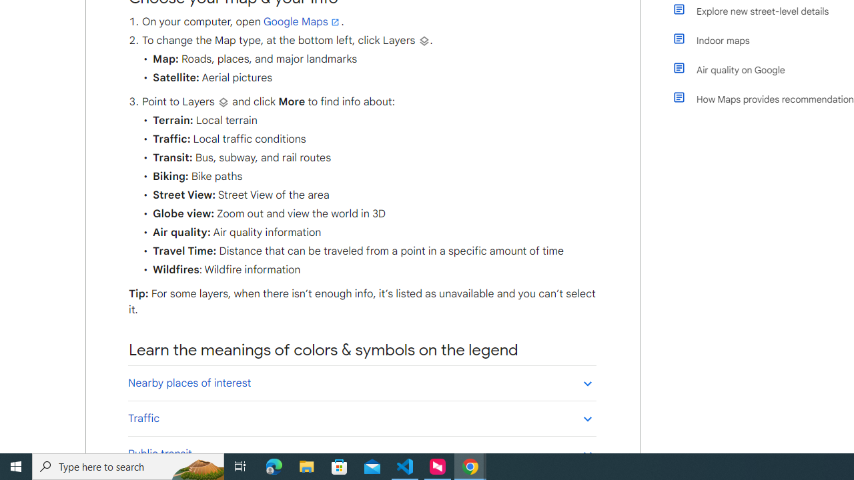  What do you see at coordinates (362, 417) in the screenshot?
I see `'Traffic'` at bounding box center [362, 417].